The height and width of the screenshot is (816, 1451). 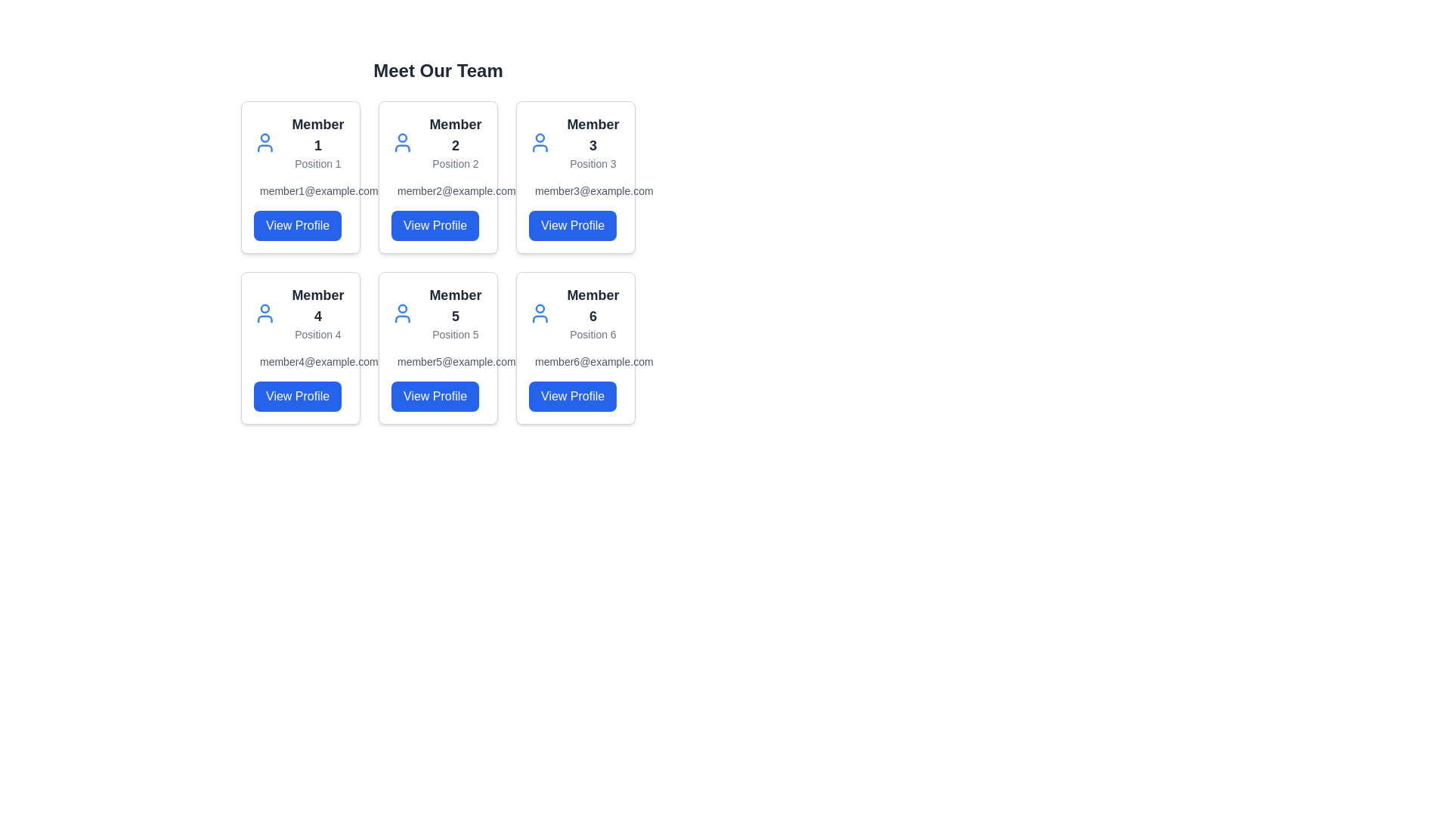 What do you see at coordinates (400, 362) in the screenshot?
I see `the envelope icon, which is a vector-based graphical element styled with strokes, located in the card for Member 5, to the left of the member's name and email details` at bounding box center [400, 362].